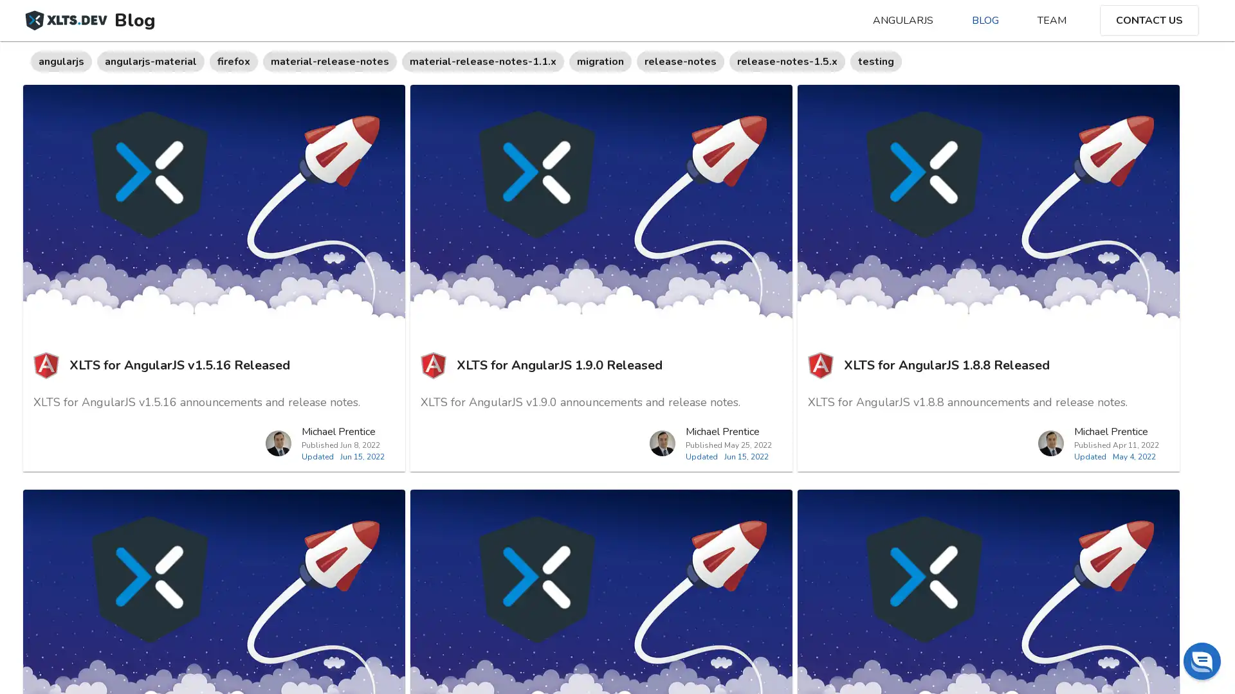 The image size is (1235, 694). Describe the element at coordinates (1201, 661) in the screenshot. I see `Chat widget toggle` at that location.